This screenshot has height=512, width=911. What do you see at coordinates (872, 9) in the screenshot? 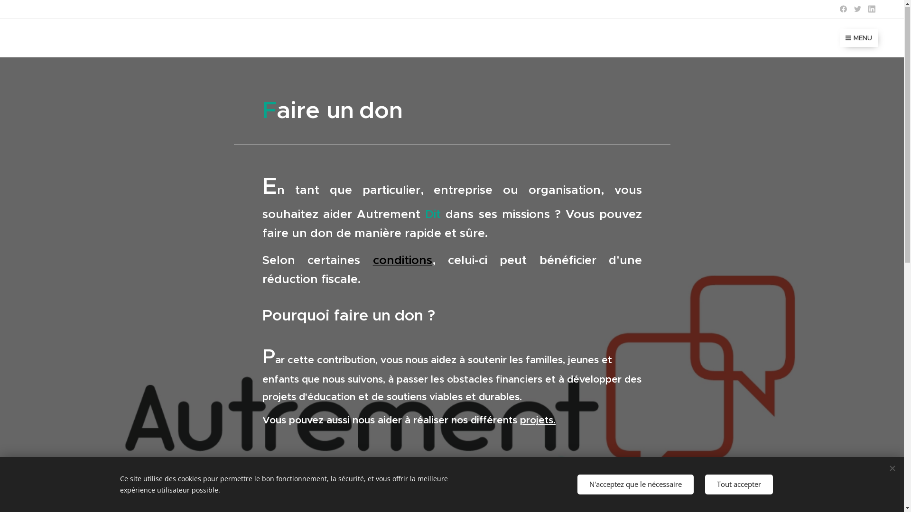
I see `'Linkedin'` at bounding box center [872, 9].